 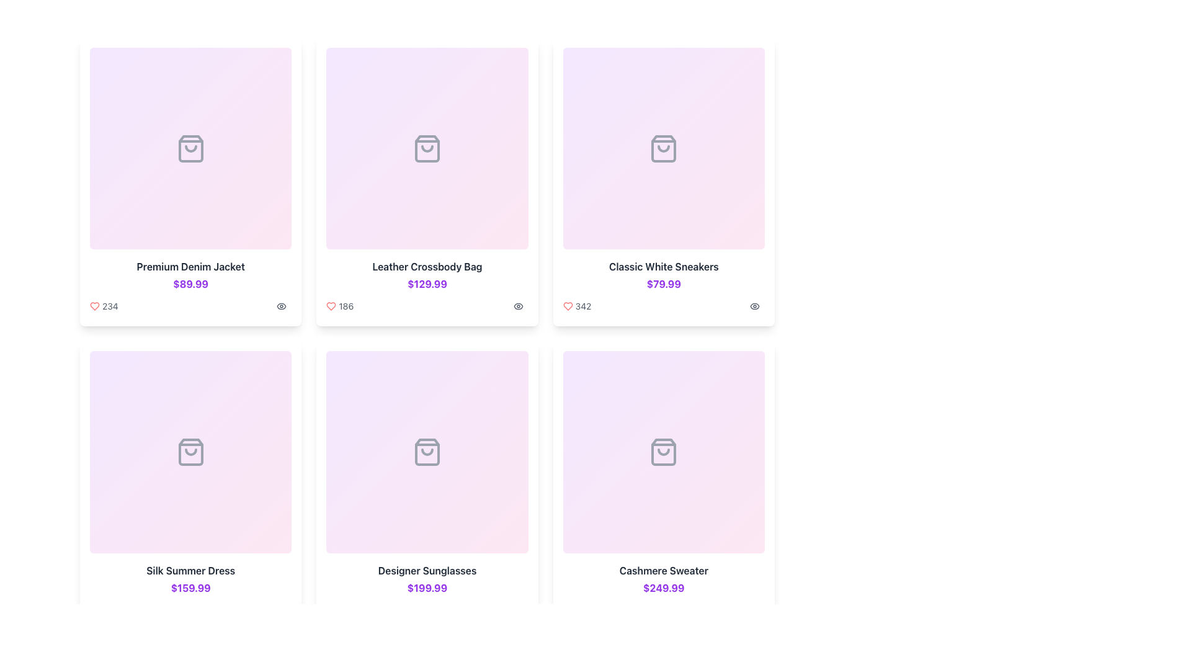 I want to click on the text label displaying '198', which is styled in a small gray font and located to the right of a red heart-shaped icon on the 'Designer Sunglasses' card, so click(x=346, y=609).